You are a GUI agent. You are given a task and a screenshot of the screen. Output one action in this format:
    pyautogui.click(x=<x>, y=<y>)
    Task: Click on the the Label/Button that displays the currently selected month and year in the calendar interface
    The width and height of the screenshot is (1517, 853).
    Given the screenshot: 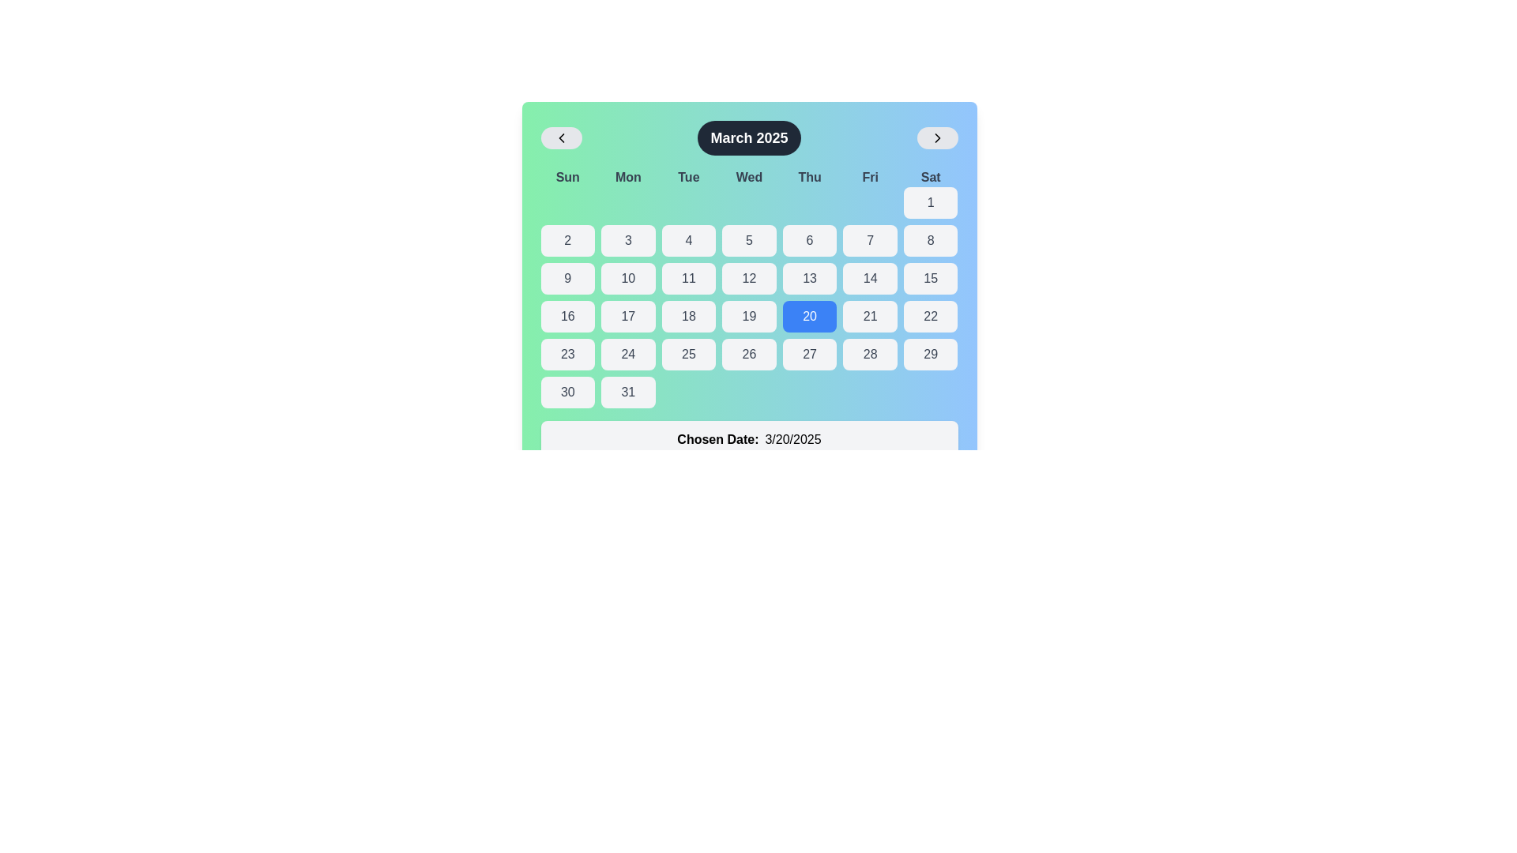 What is the action you would take?
    pyautogui.click(x=748, y=137)
    